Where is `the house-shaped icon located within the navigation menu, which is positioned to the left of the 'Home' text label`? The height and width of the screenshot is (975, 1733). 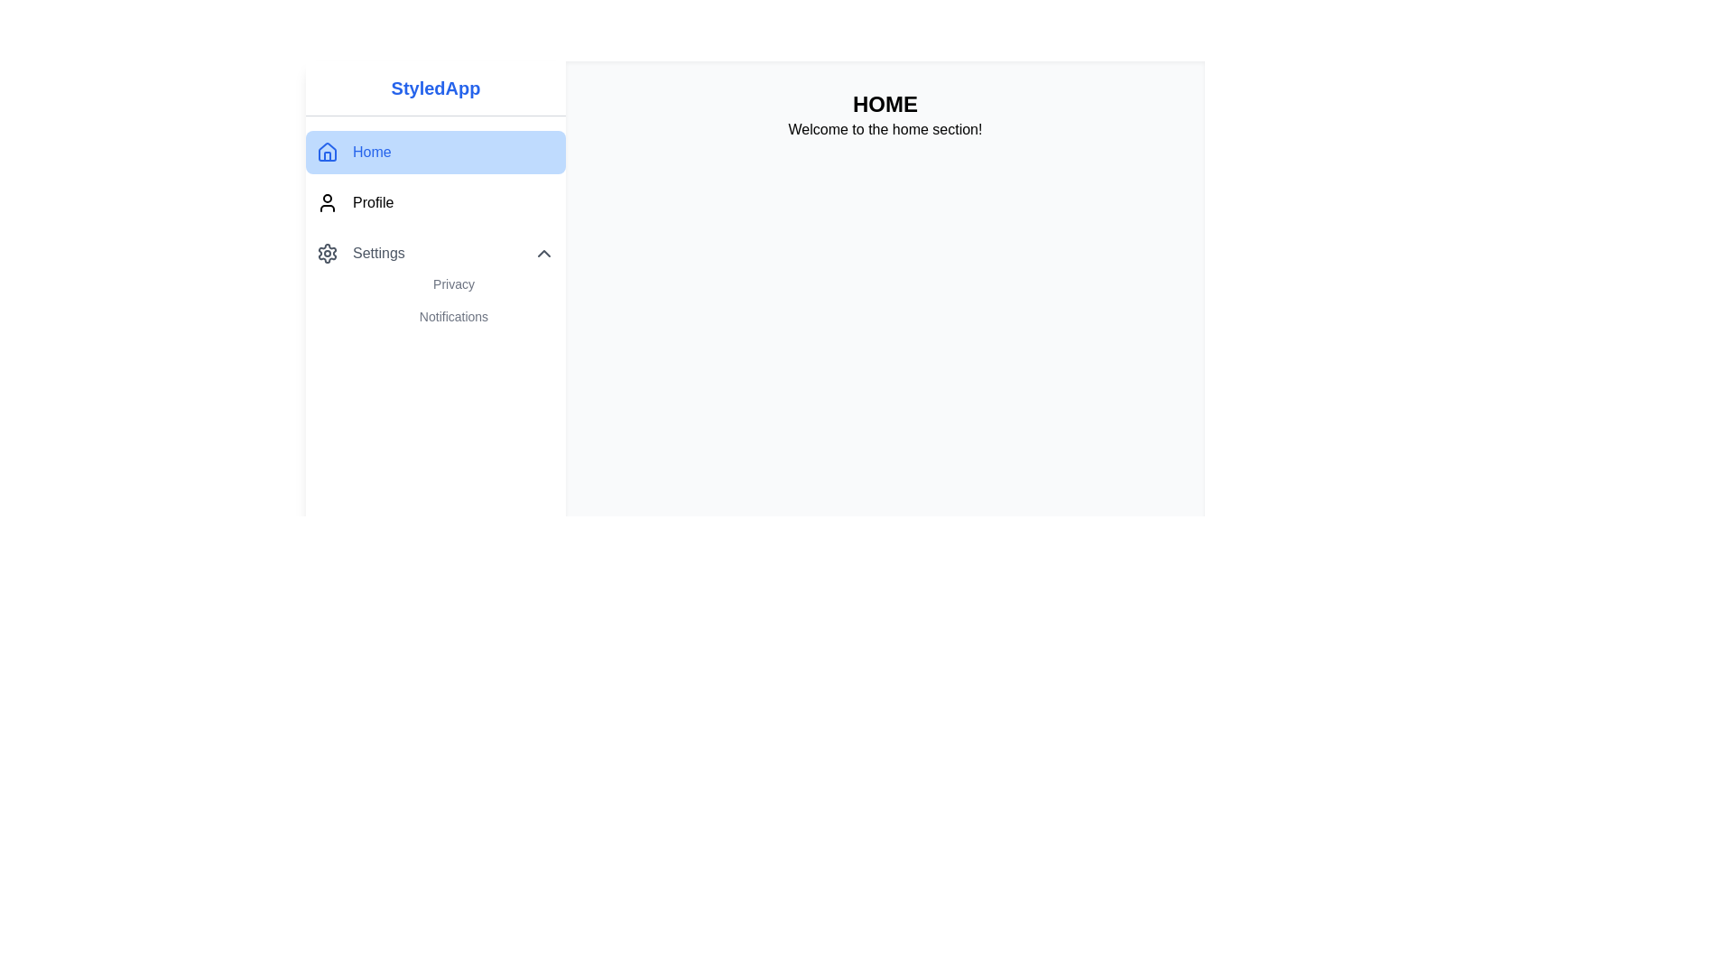 the house-shaped icon located within the navigation menu, which is positioned to the left of the 'Home' text label is located at coordinates (328, 155).